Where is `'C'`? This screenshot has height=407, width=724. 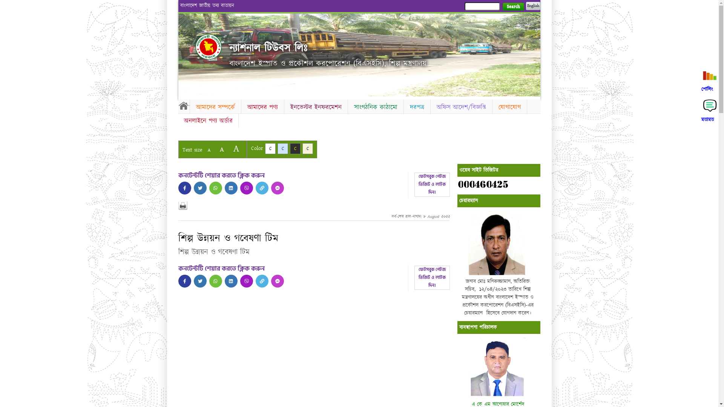
'C' is located at coordinates (270, 148).